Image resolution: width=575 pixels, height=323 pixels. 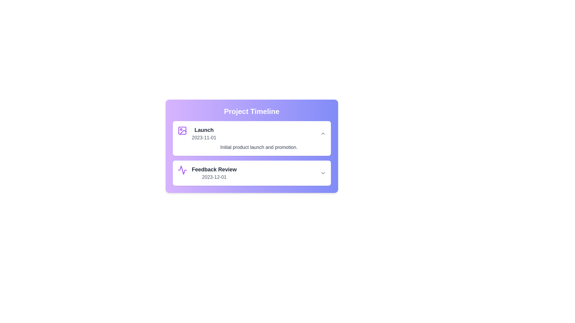 I want to click on the text label for the timeline entry titled 'Launch', which is positioned directly above the date '2023-11-01', so click(x=204, y=130).